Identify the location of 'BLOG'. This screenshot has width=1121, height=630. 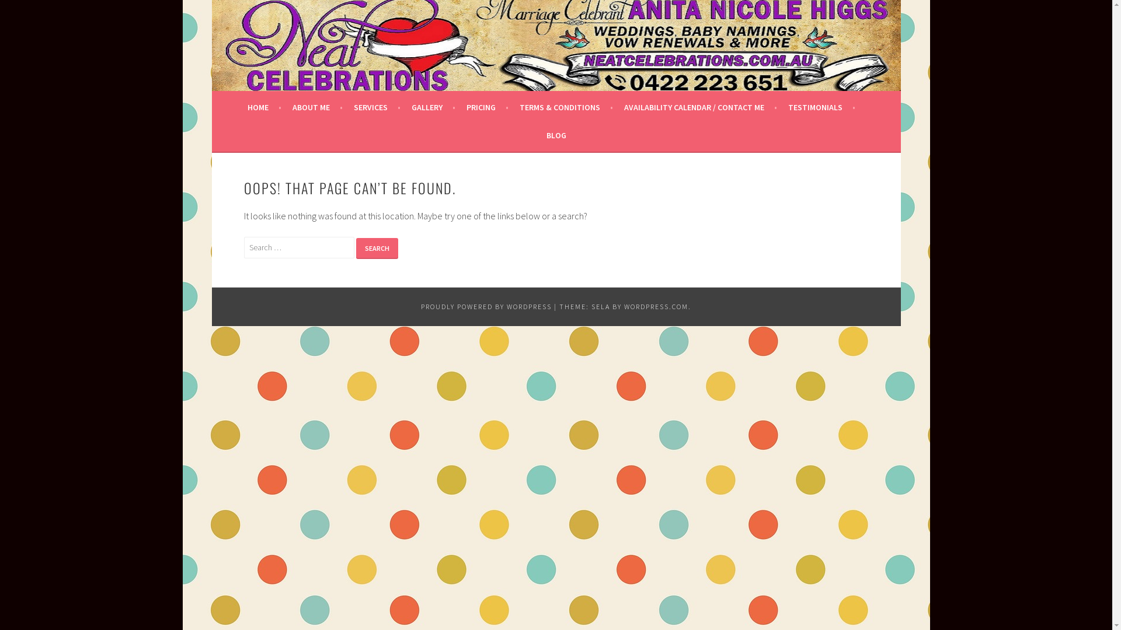
(556, 134).